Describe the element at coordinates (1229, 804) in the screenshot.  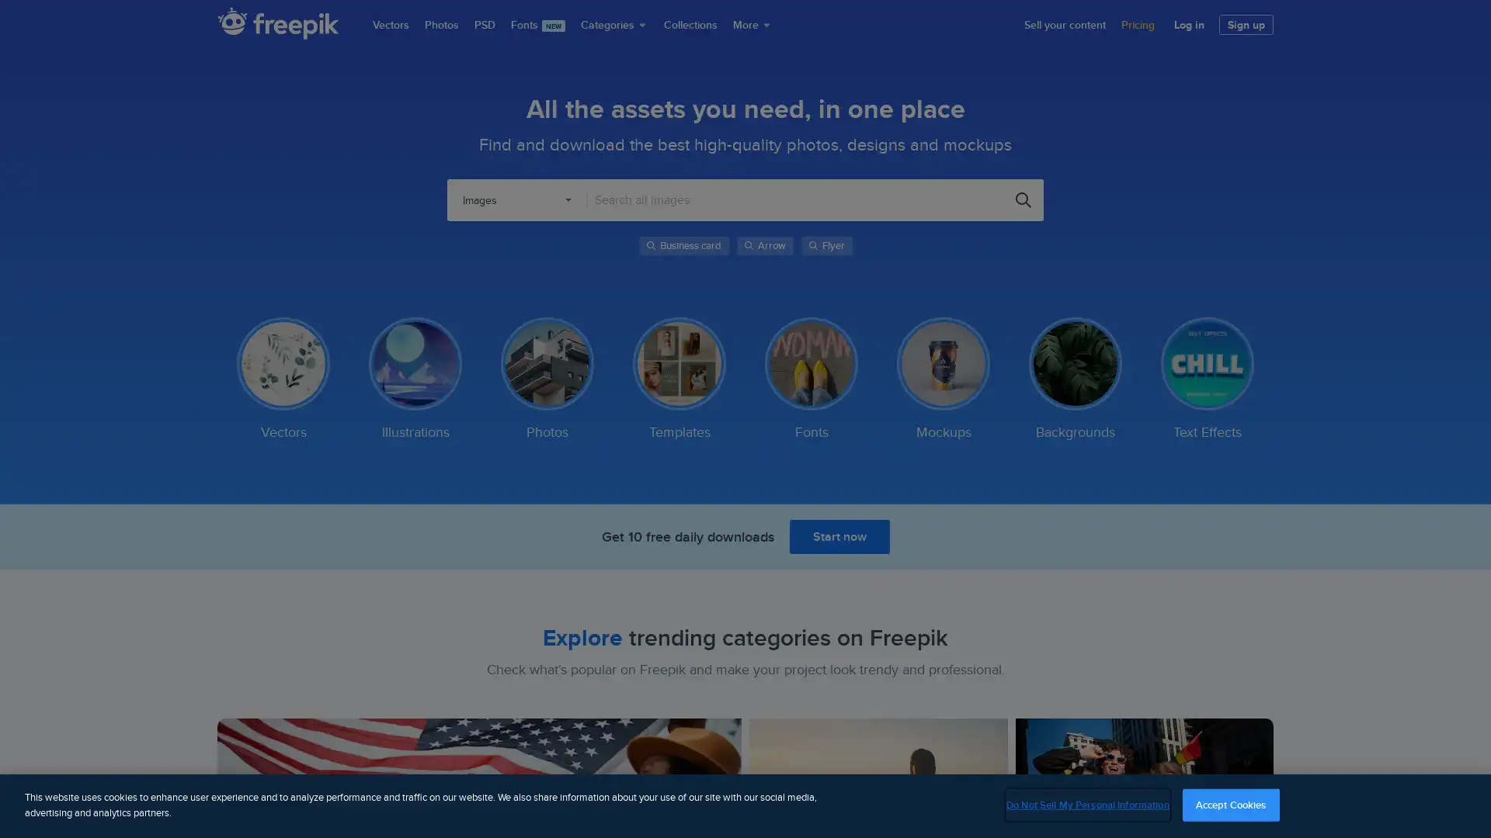
I see `Accept Cookies` at that location.